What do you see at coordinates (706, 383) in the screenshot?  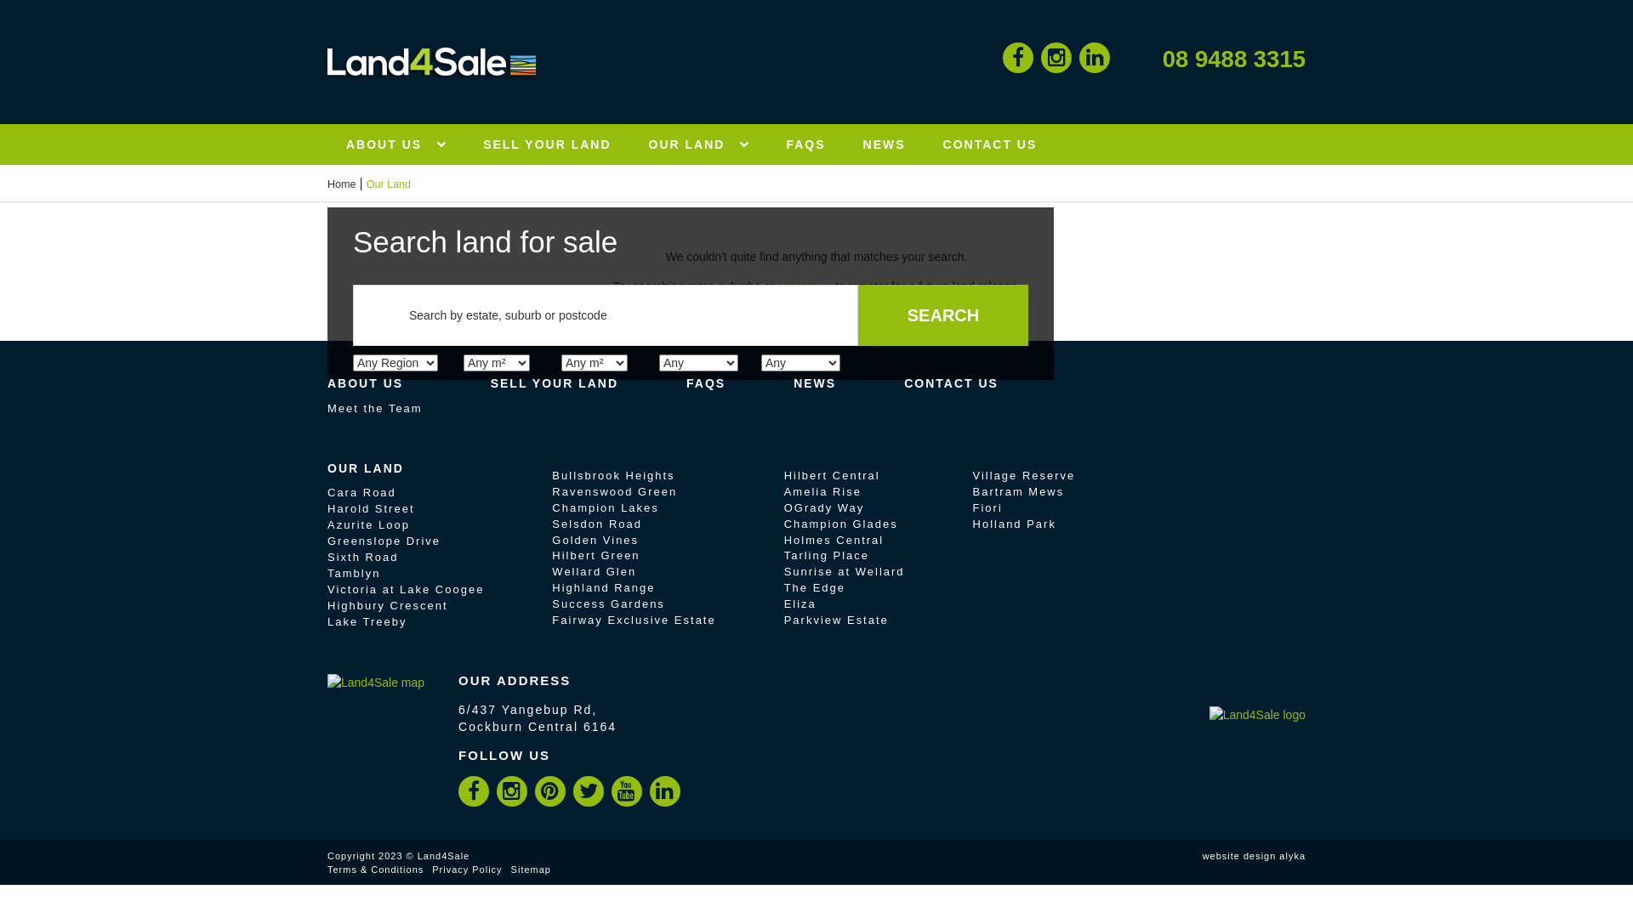 I see `'FAQS'` at bounding box center [706, 383].